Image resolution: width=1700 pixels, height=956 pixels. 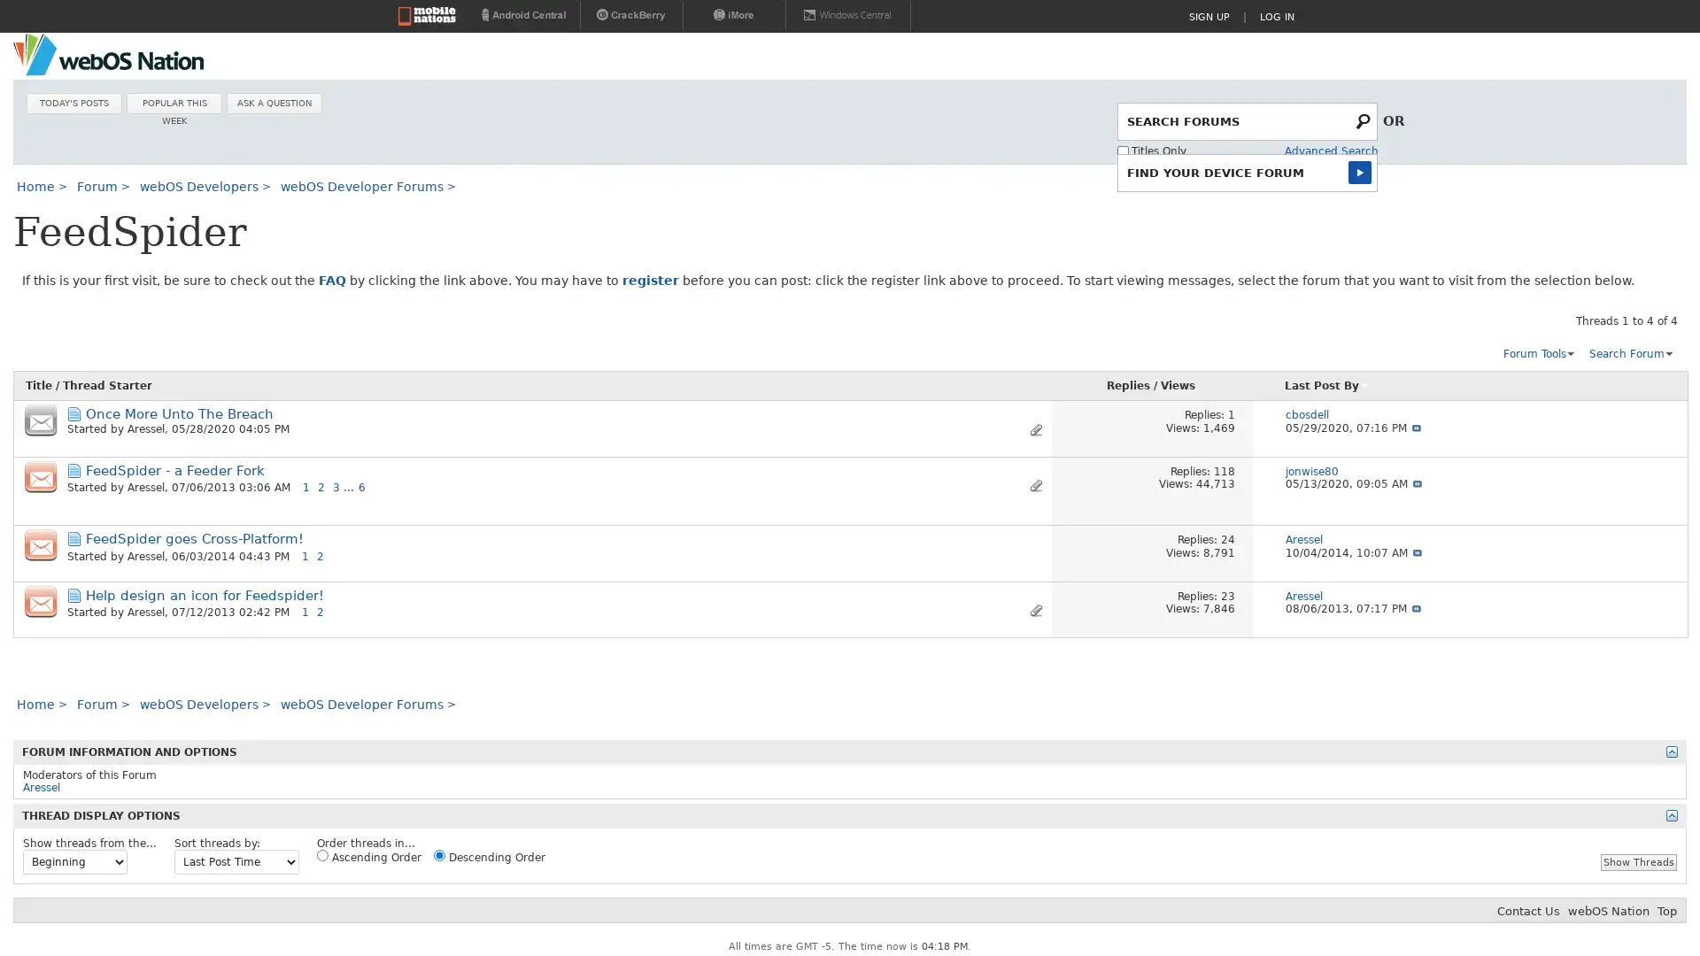 What do you see at coordinates (1638, 860) in the screenshot?
I see `Show Threads` at bounding box center [1638, 860].